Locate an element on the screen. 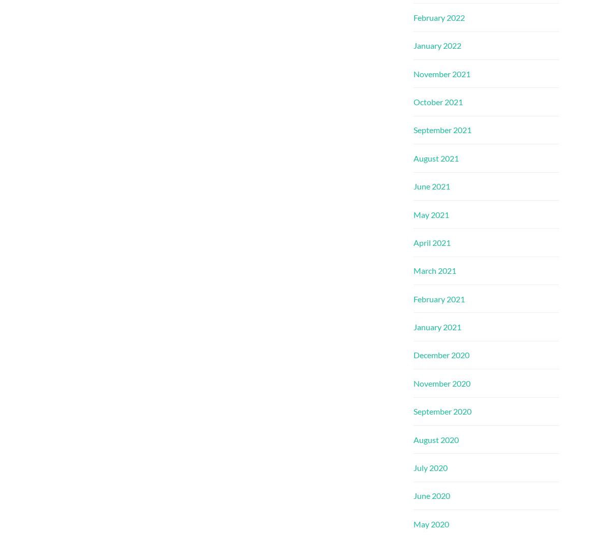 This screenshot has height=535, width=589. 'February 2021' is located at coordinates (413, 298).